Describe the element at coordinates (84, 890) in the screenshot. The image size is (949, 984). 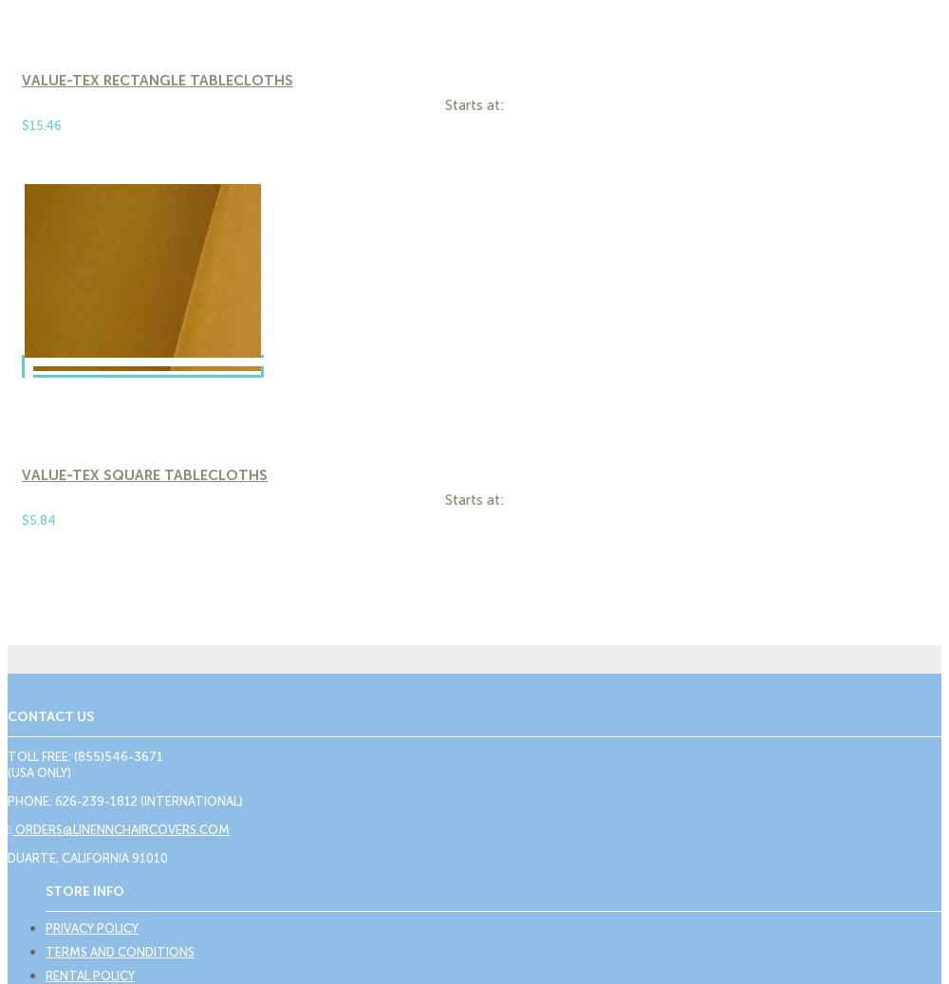
I see `'Store Info'` at that location.